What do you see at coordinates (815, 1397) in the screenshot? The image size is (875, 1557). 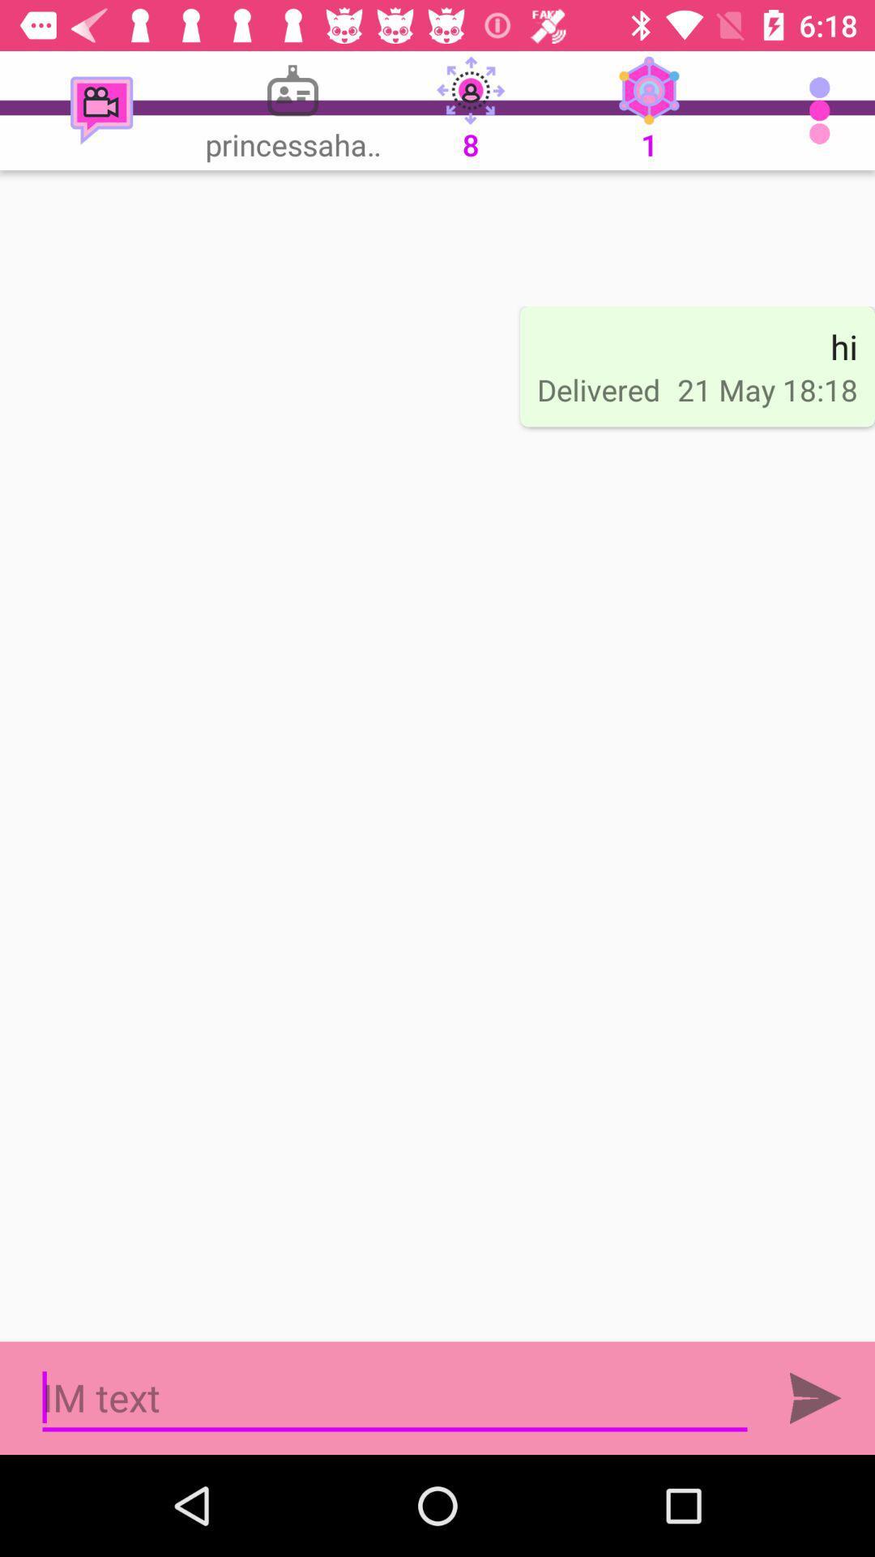 I see `send` at bounding box center [815, 1397].